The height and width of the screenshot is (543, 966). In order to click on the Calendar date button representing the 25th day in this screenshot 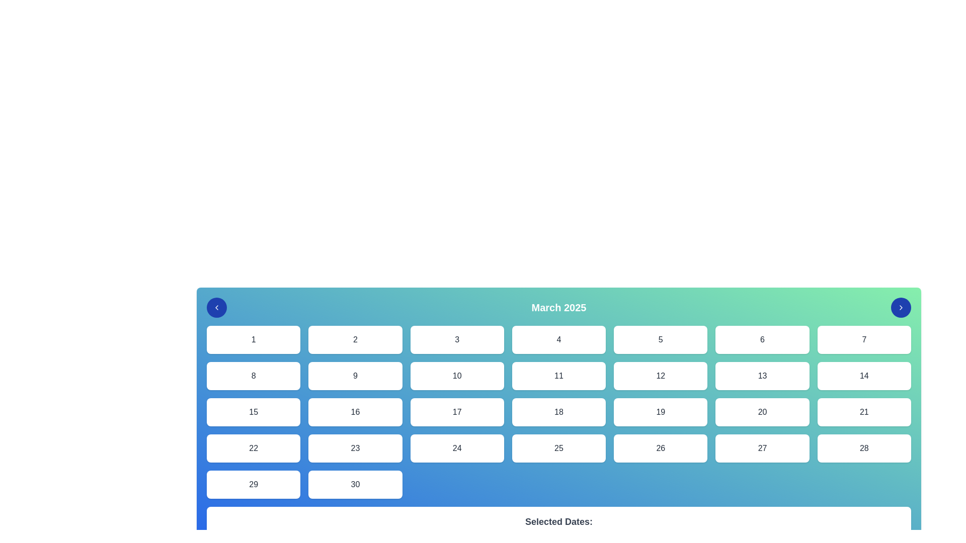, I will do `click(558, 447)`.